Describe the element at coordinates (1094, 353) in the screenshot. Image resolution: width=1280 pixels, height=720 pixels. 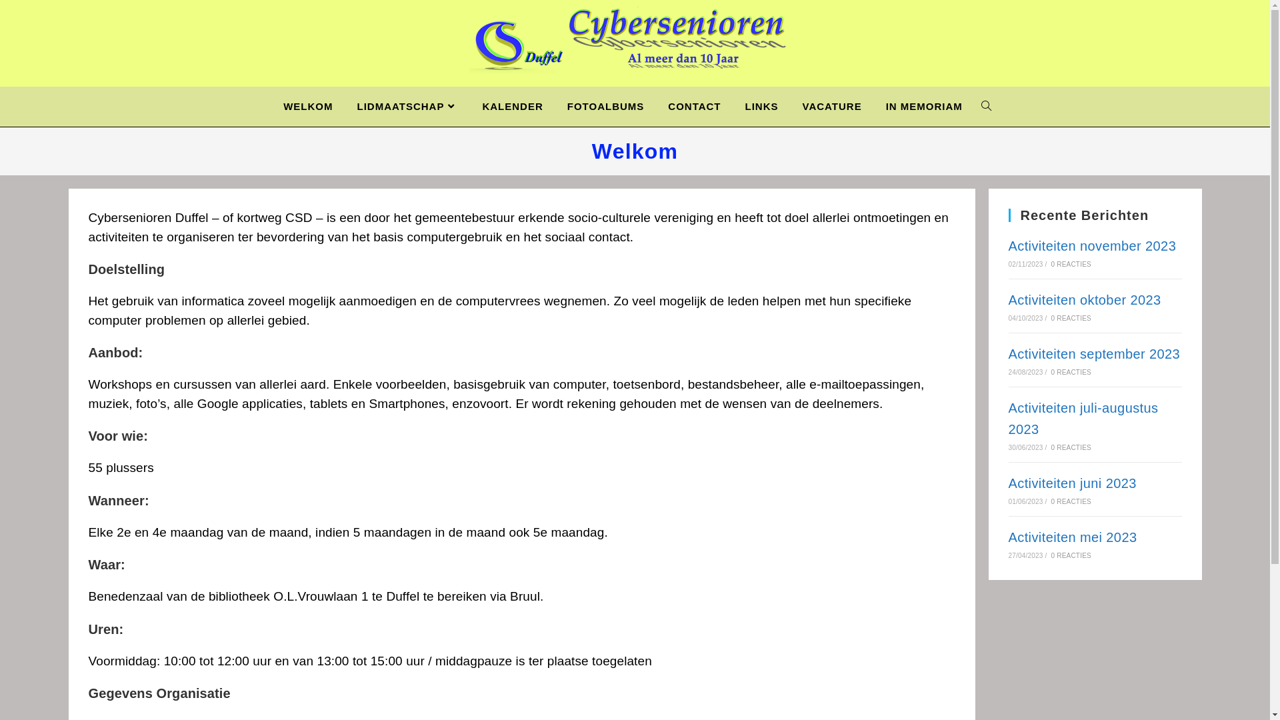
I see `'Activiteiten september 2023'` at that location.